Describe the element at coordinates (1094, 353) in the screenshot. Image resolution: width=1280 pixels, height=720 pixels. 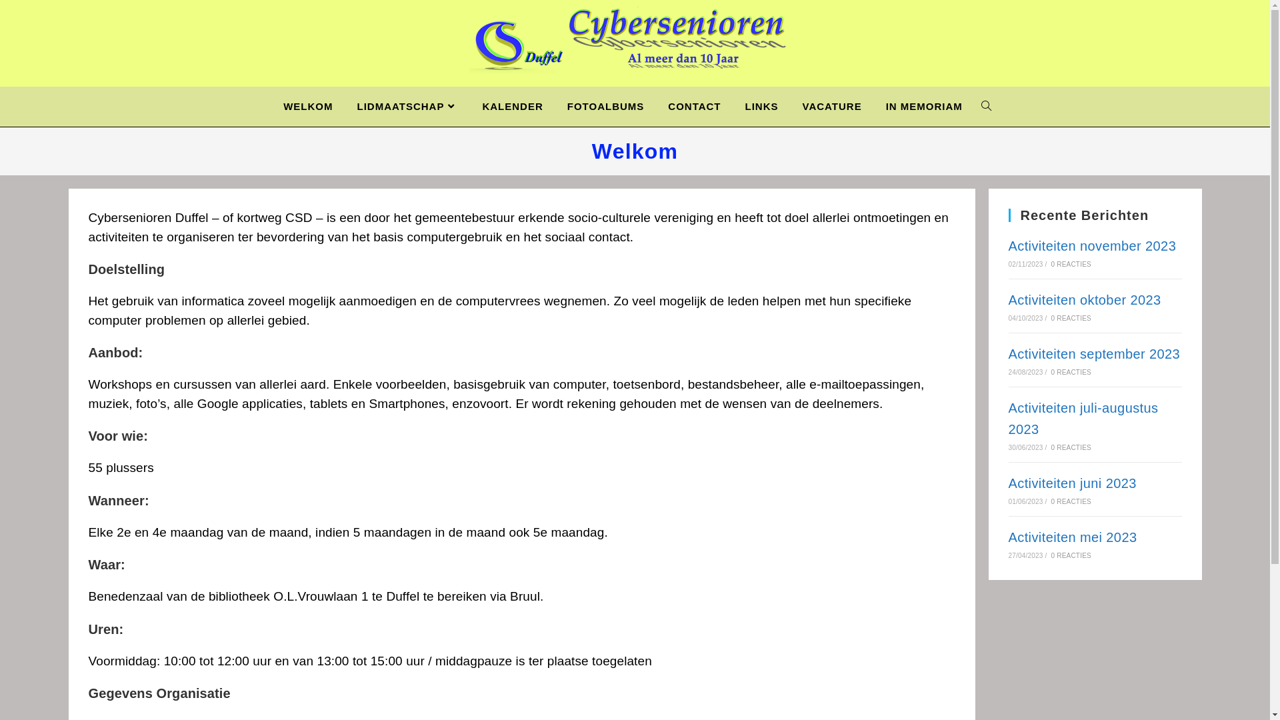
I see `'Activiteiten september 2023'` at that location.